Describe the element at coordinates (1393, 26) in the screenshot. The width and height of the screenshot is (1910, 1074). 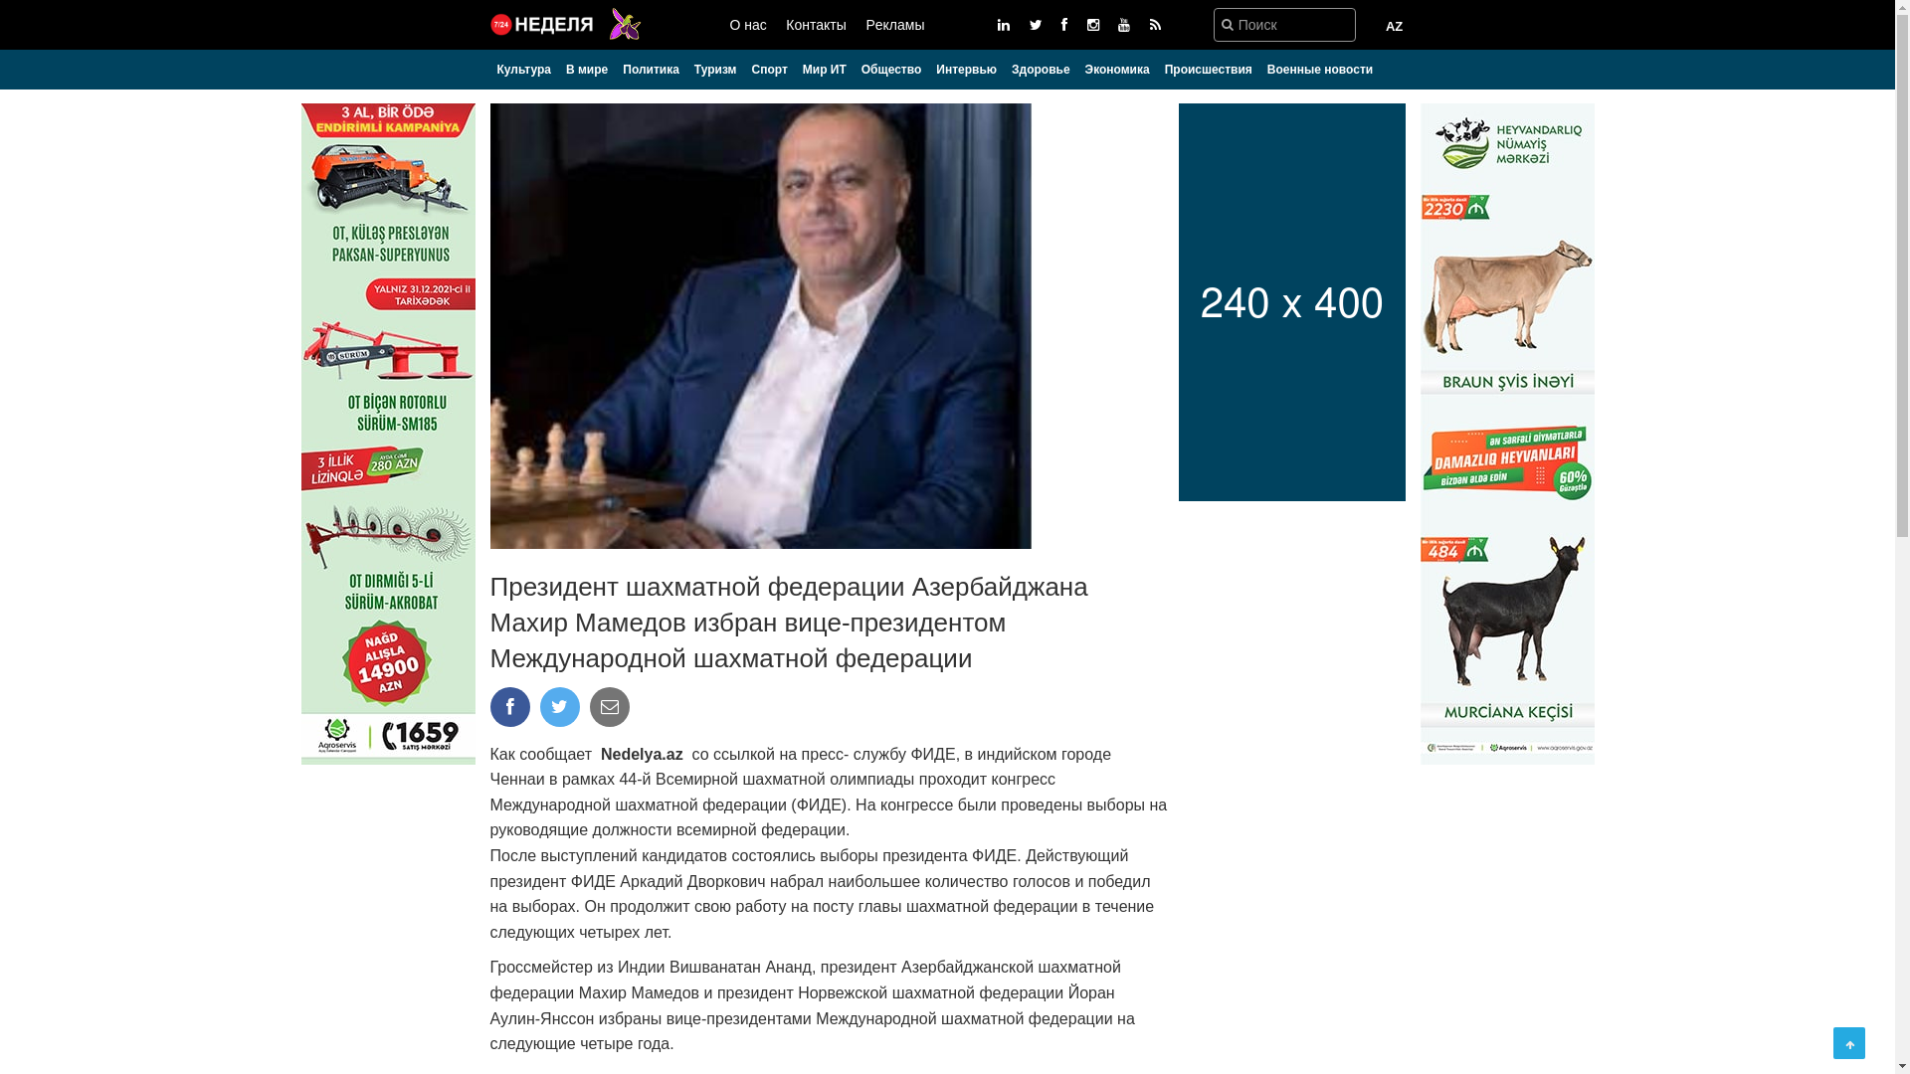
I see `'AZ'` at that location.